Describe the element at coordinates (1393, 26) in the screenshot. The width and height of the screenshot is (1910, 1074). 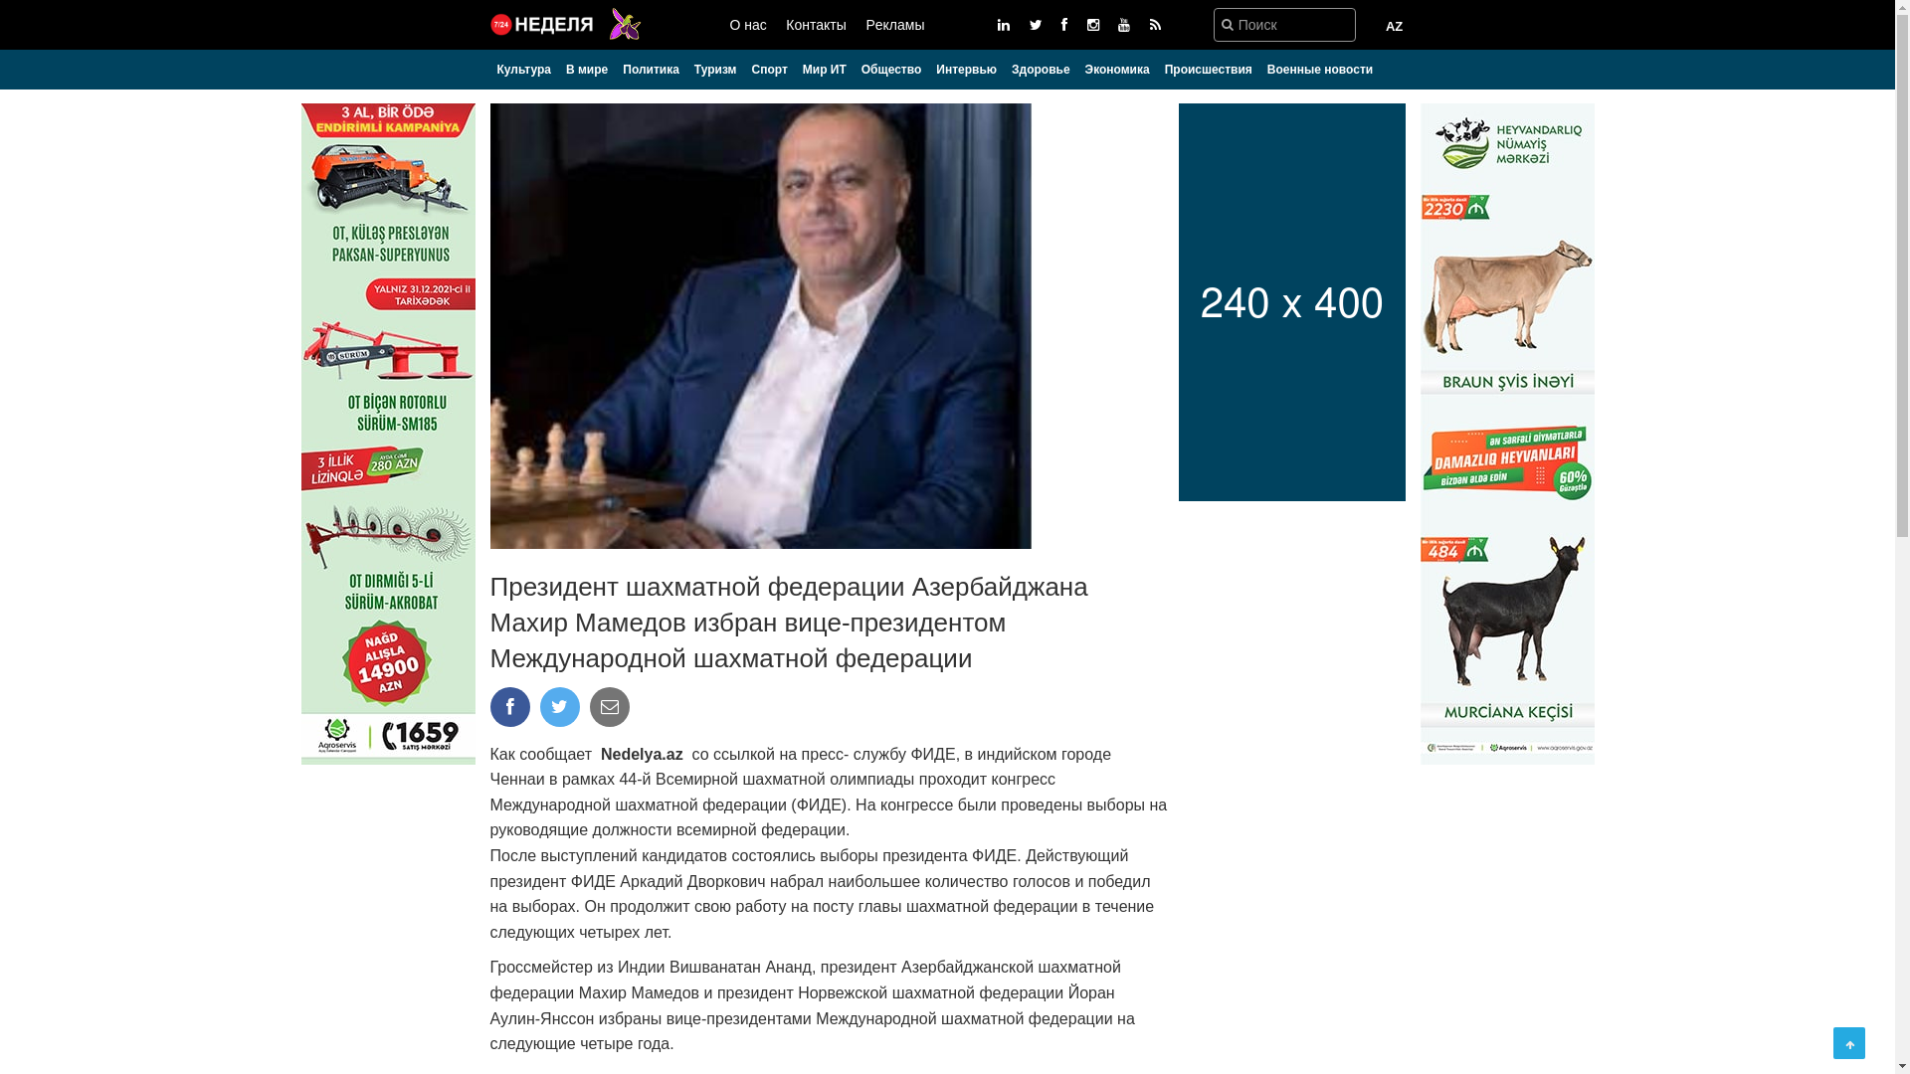
I see `'AZ'` at that location.